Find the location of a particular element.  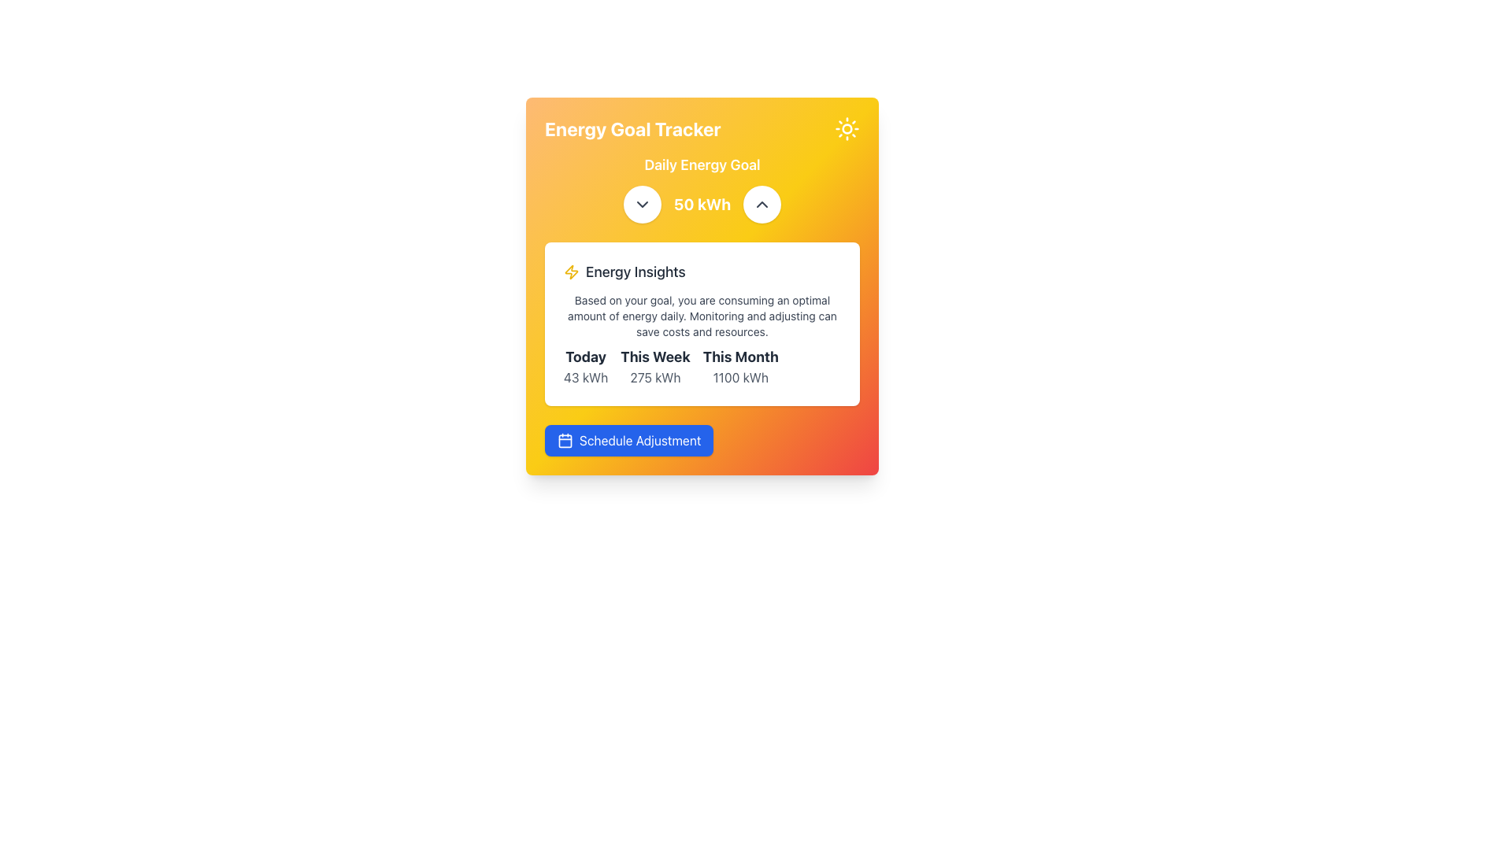

the blue calendar icon within the 'Schedule Adjustment' button by moving the cursor to its center is located at coordinates (565, 440).